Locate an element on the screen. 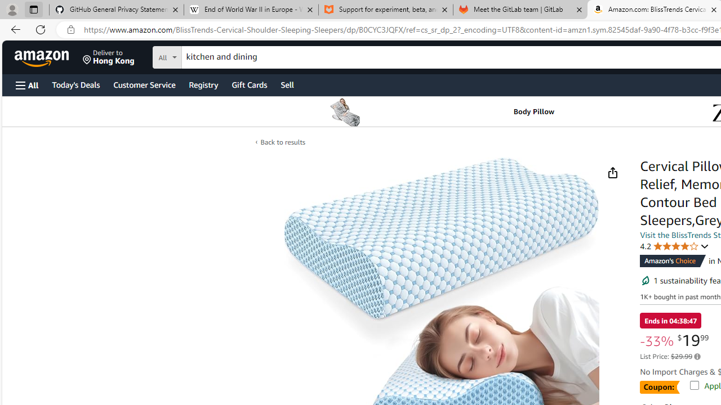 The image size is (721, 405). 'Apply 20% coupon Shop items | Terms' is located at coordinates (689, 382).